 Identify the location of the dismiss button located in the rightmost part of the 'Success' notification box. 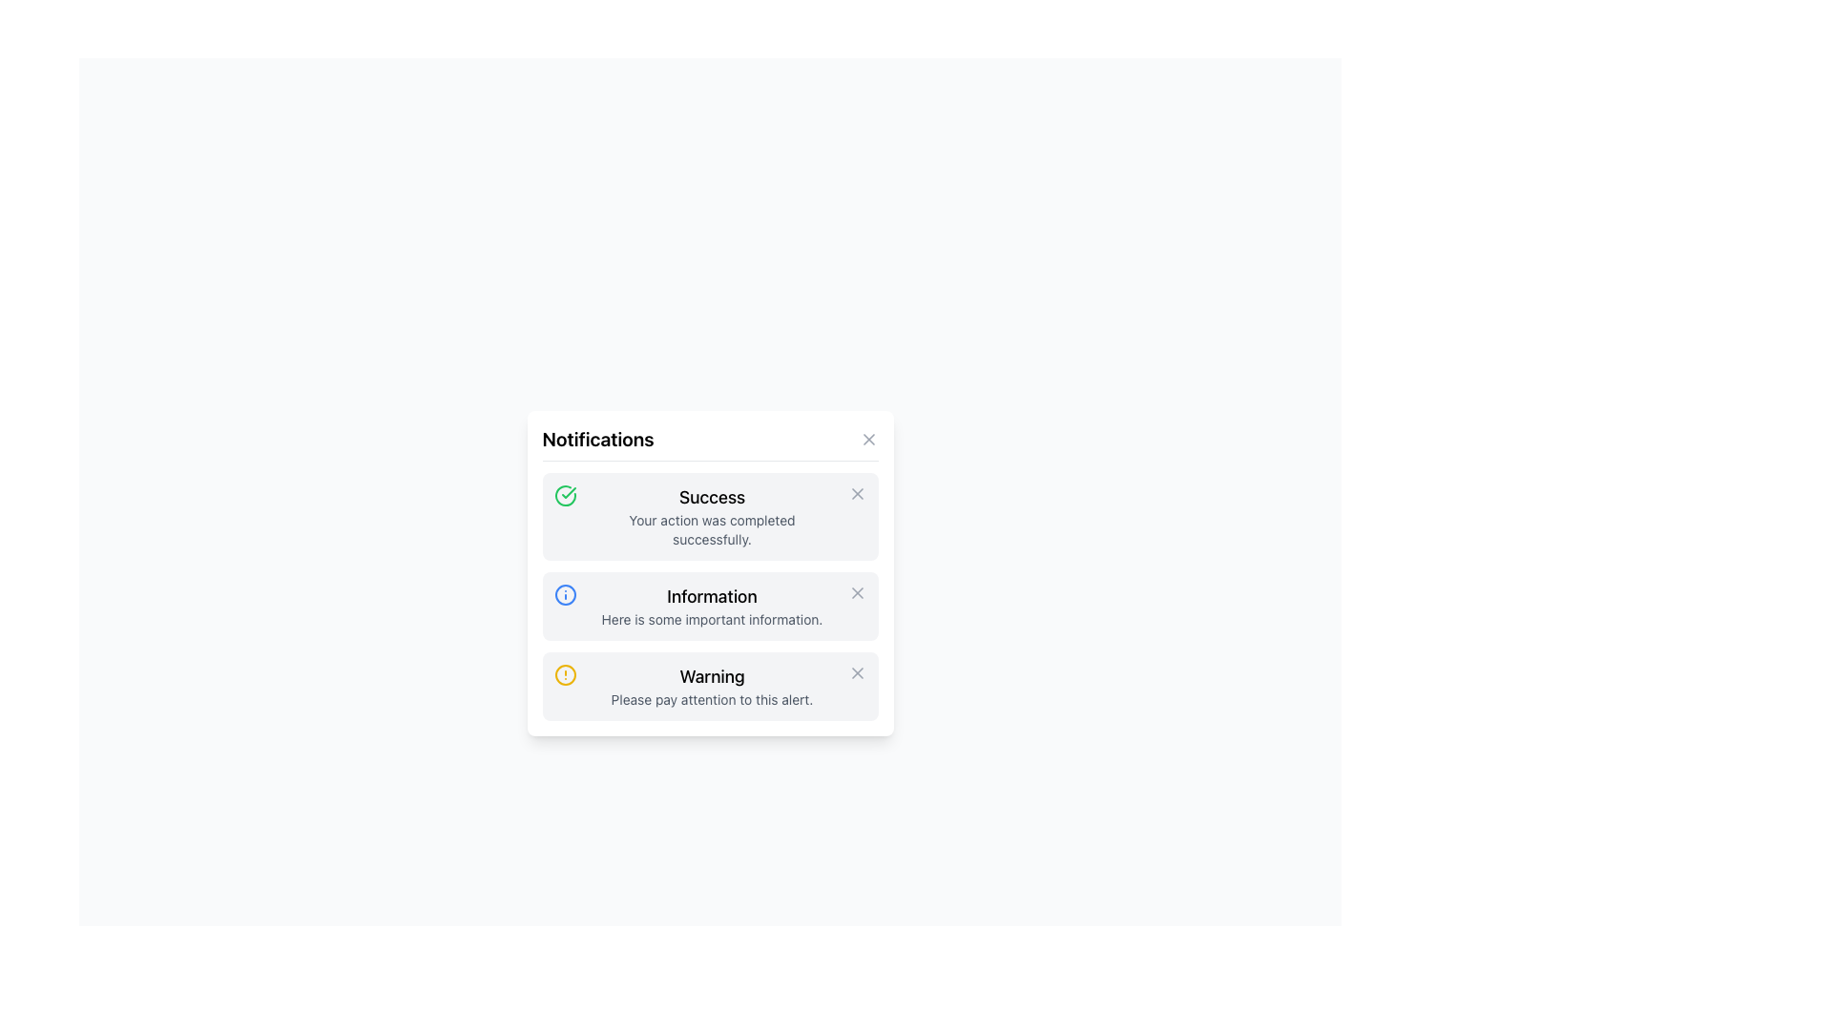
(856, 492).